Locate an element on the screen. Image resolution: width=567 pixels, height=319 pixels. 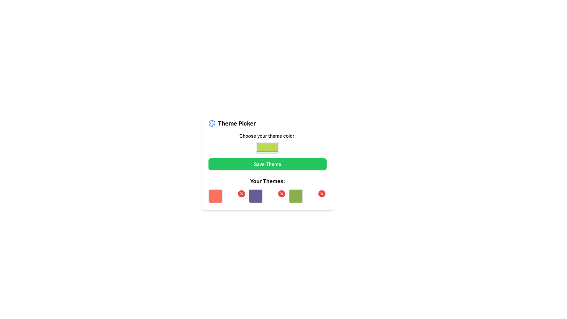
the small, circular red Close button featuring a white 'X' icon, located at the far-right of the row of theme color selectors under the 'Your Themes' section is located at coordinates (321, 193).